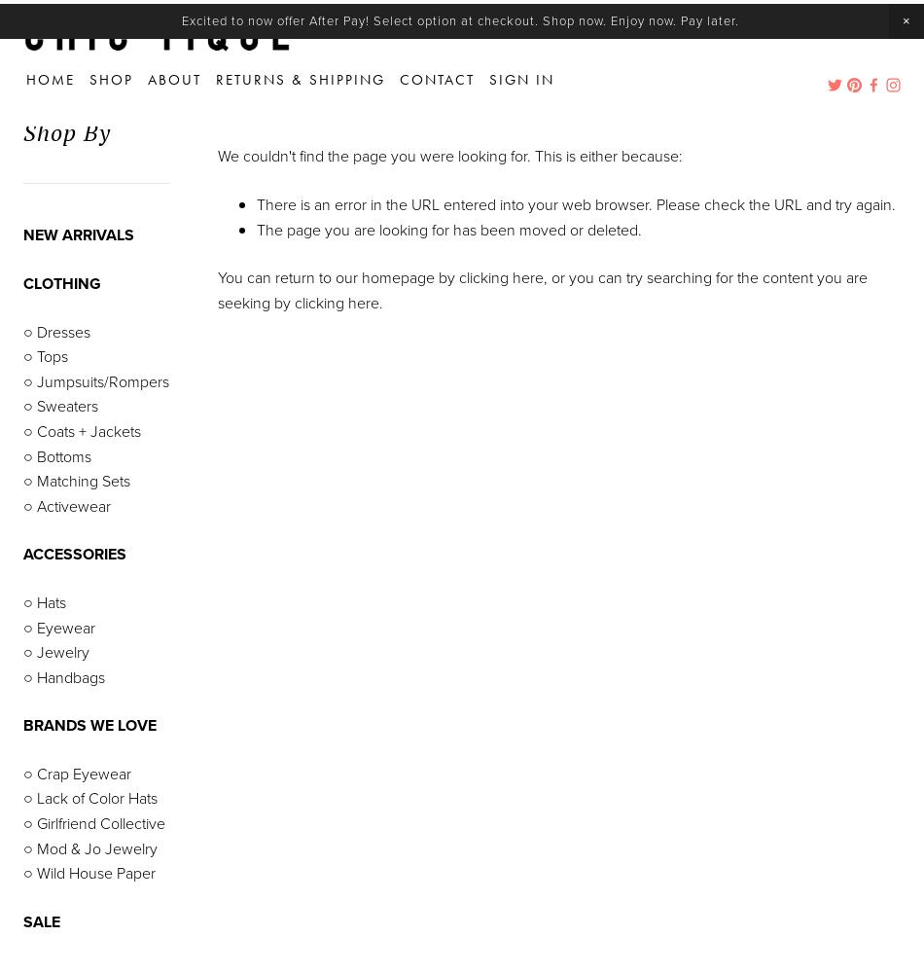 The width and height of the screenshot is (924, 973). What do you see at coordinates (52, 355) in the screenshot?
I see `'Tops'` at bounding box center [52, 355].